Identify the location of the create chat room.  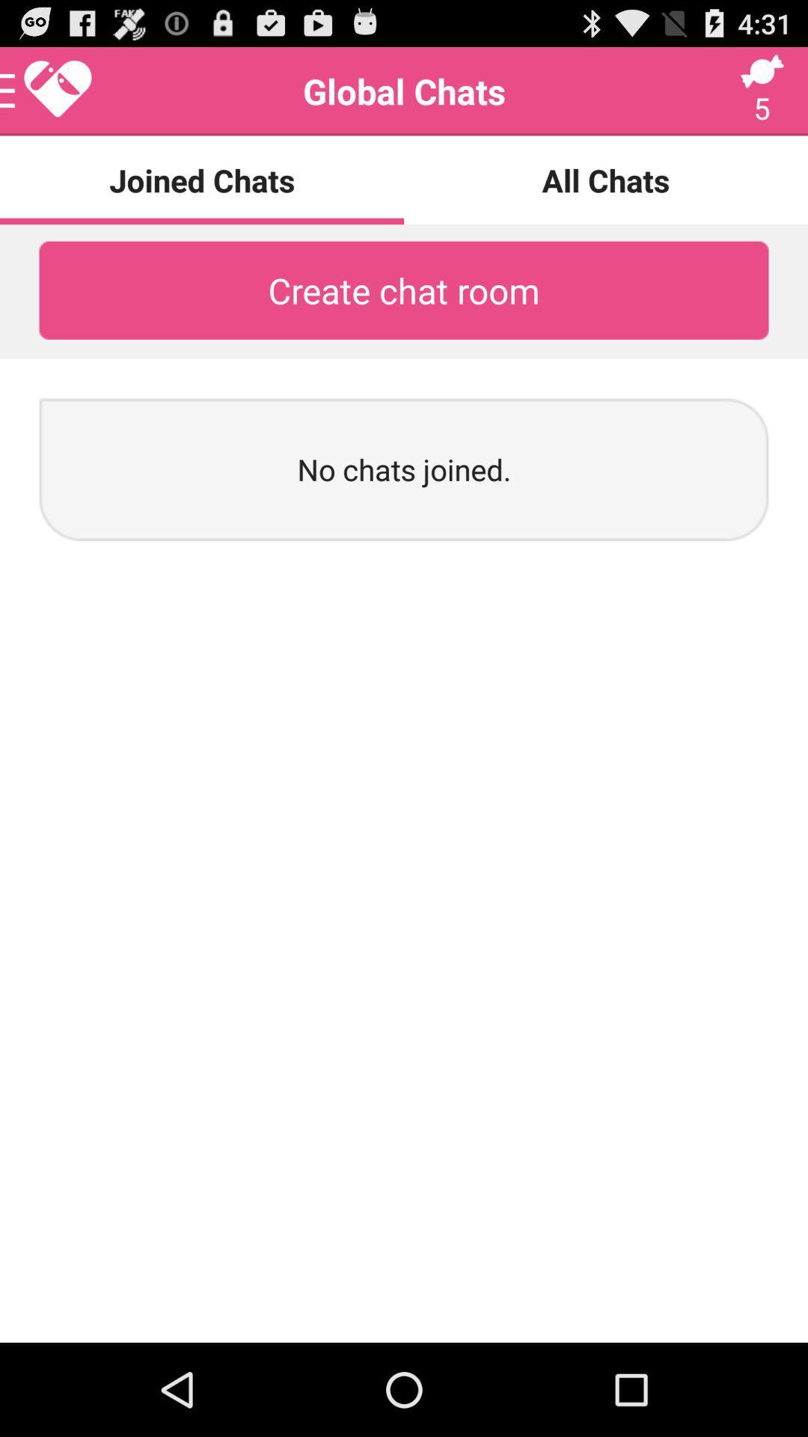
(404, 290).